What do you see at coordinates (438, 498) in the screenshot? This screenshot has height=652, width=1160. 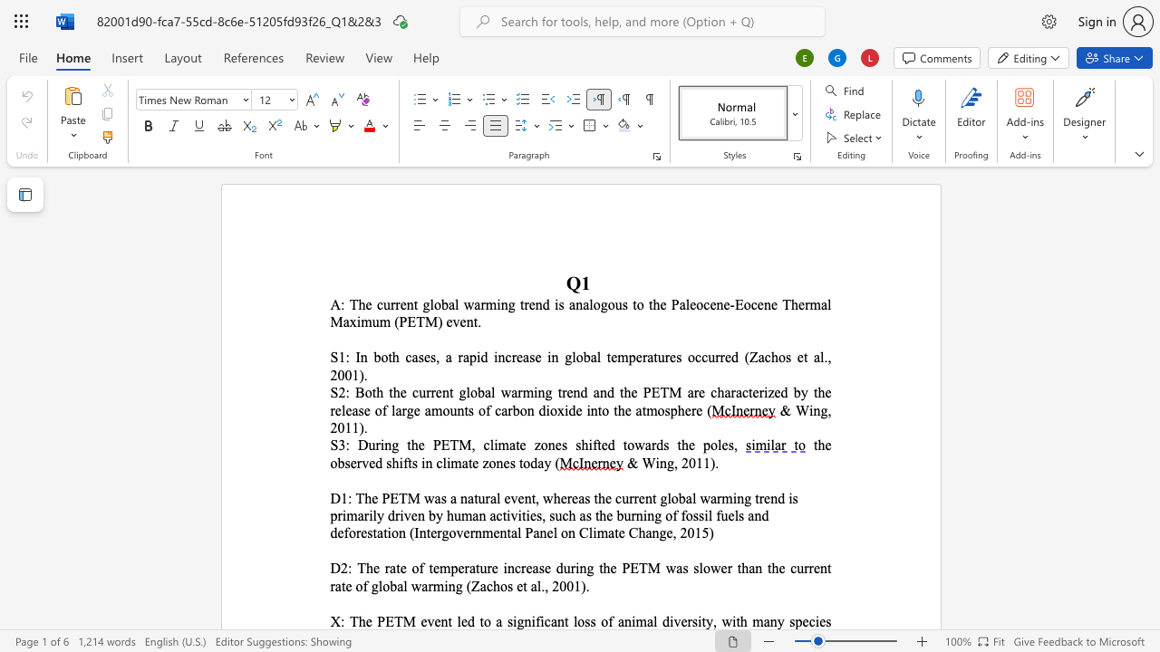 I see `the 1th character "a" in the text` at bounding box center [438, 498].